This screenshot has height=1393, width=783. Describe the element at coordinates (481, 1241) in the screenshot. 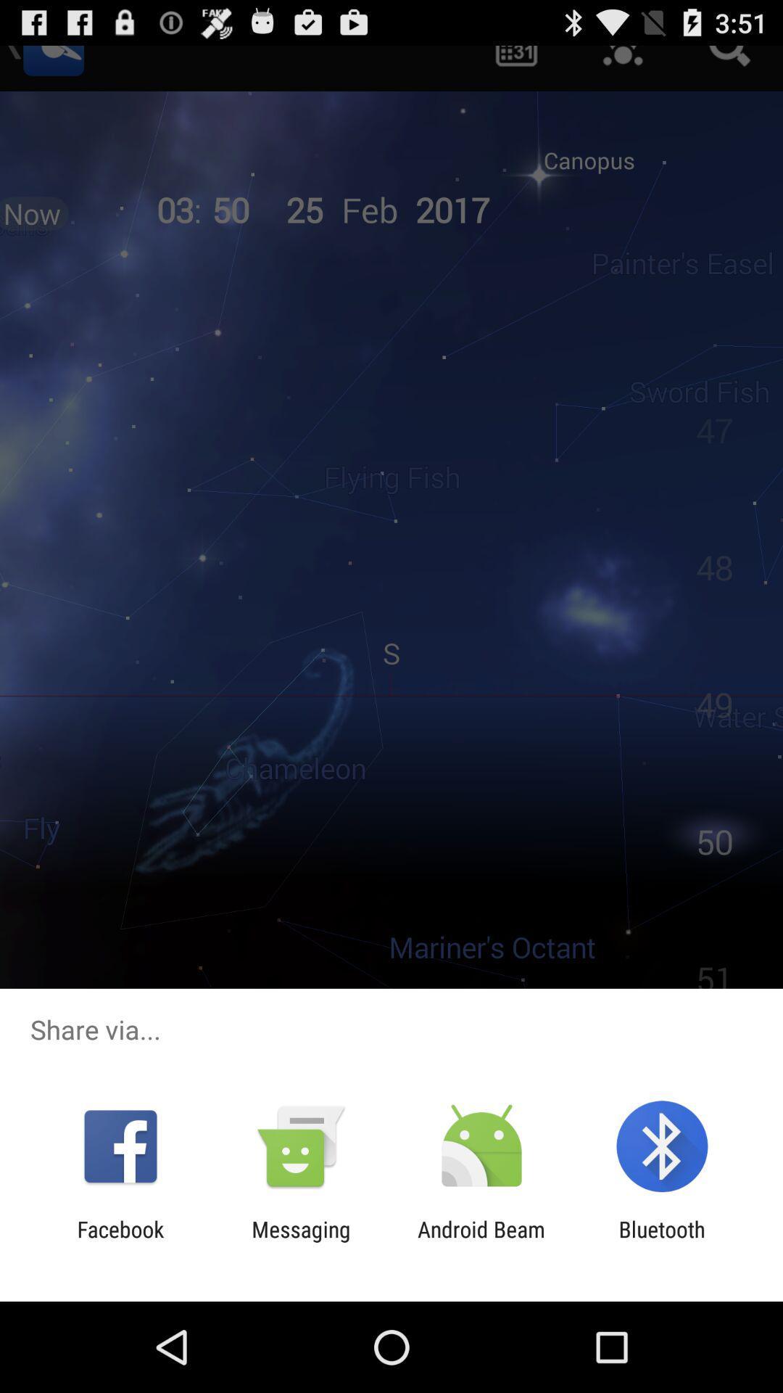

I see `android beam app` at that location.